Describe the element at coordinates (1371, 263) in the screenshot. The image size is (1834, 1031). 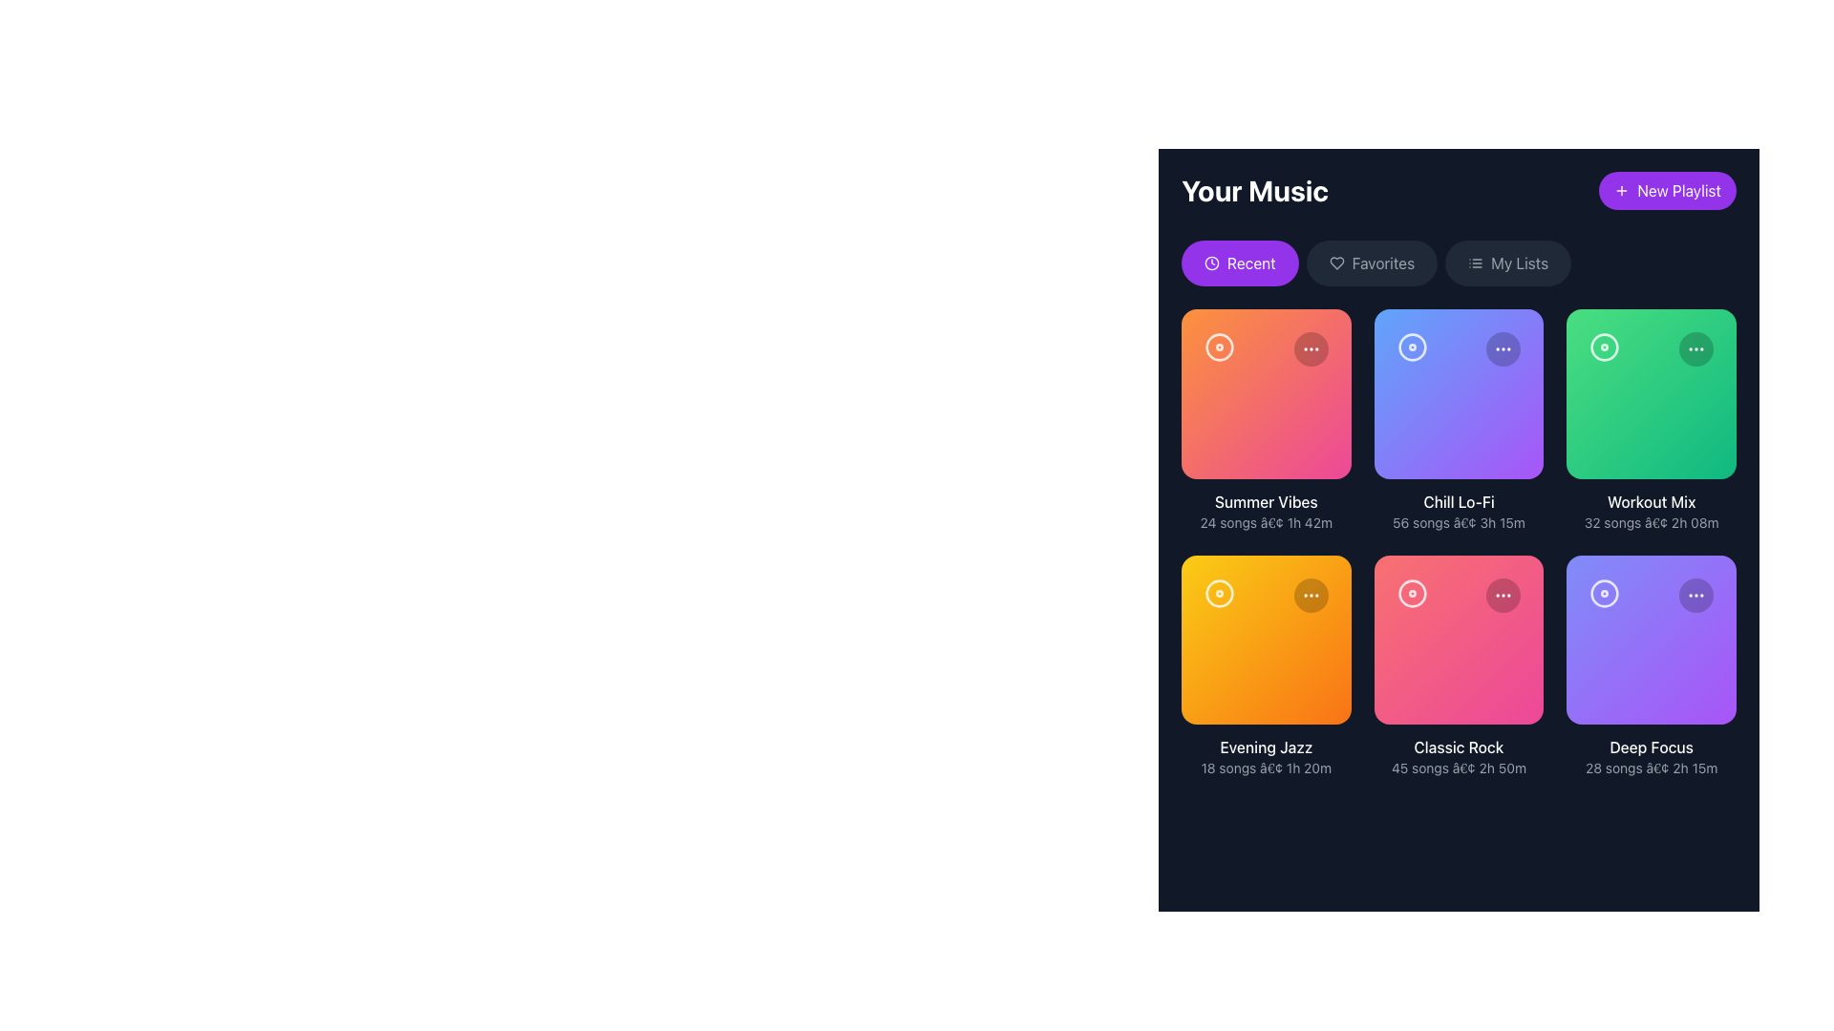
I see `the favorites button, which is the second button in a group of three at the top of the UI` at that location.